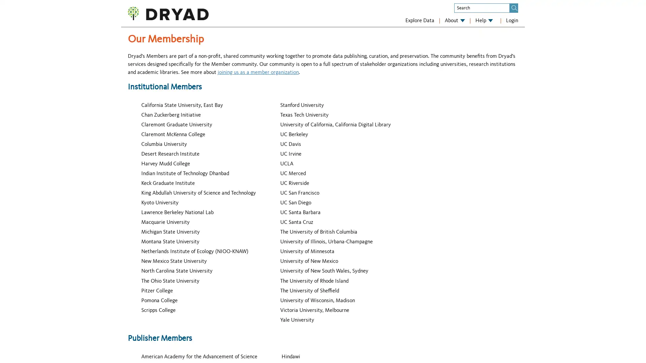  What do you see at coordinates (455, 20) in the screenshot?
I see `About` at bounding box center [455, 20].